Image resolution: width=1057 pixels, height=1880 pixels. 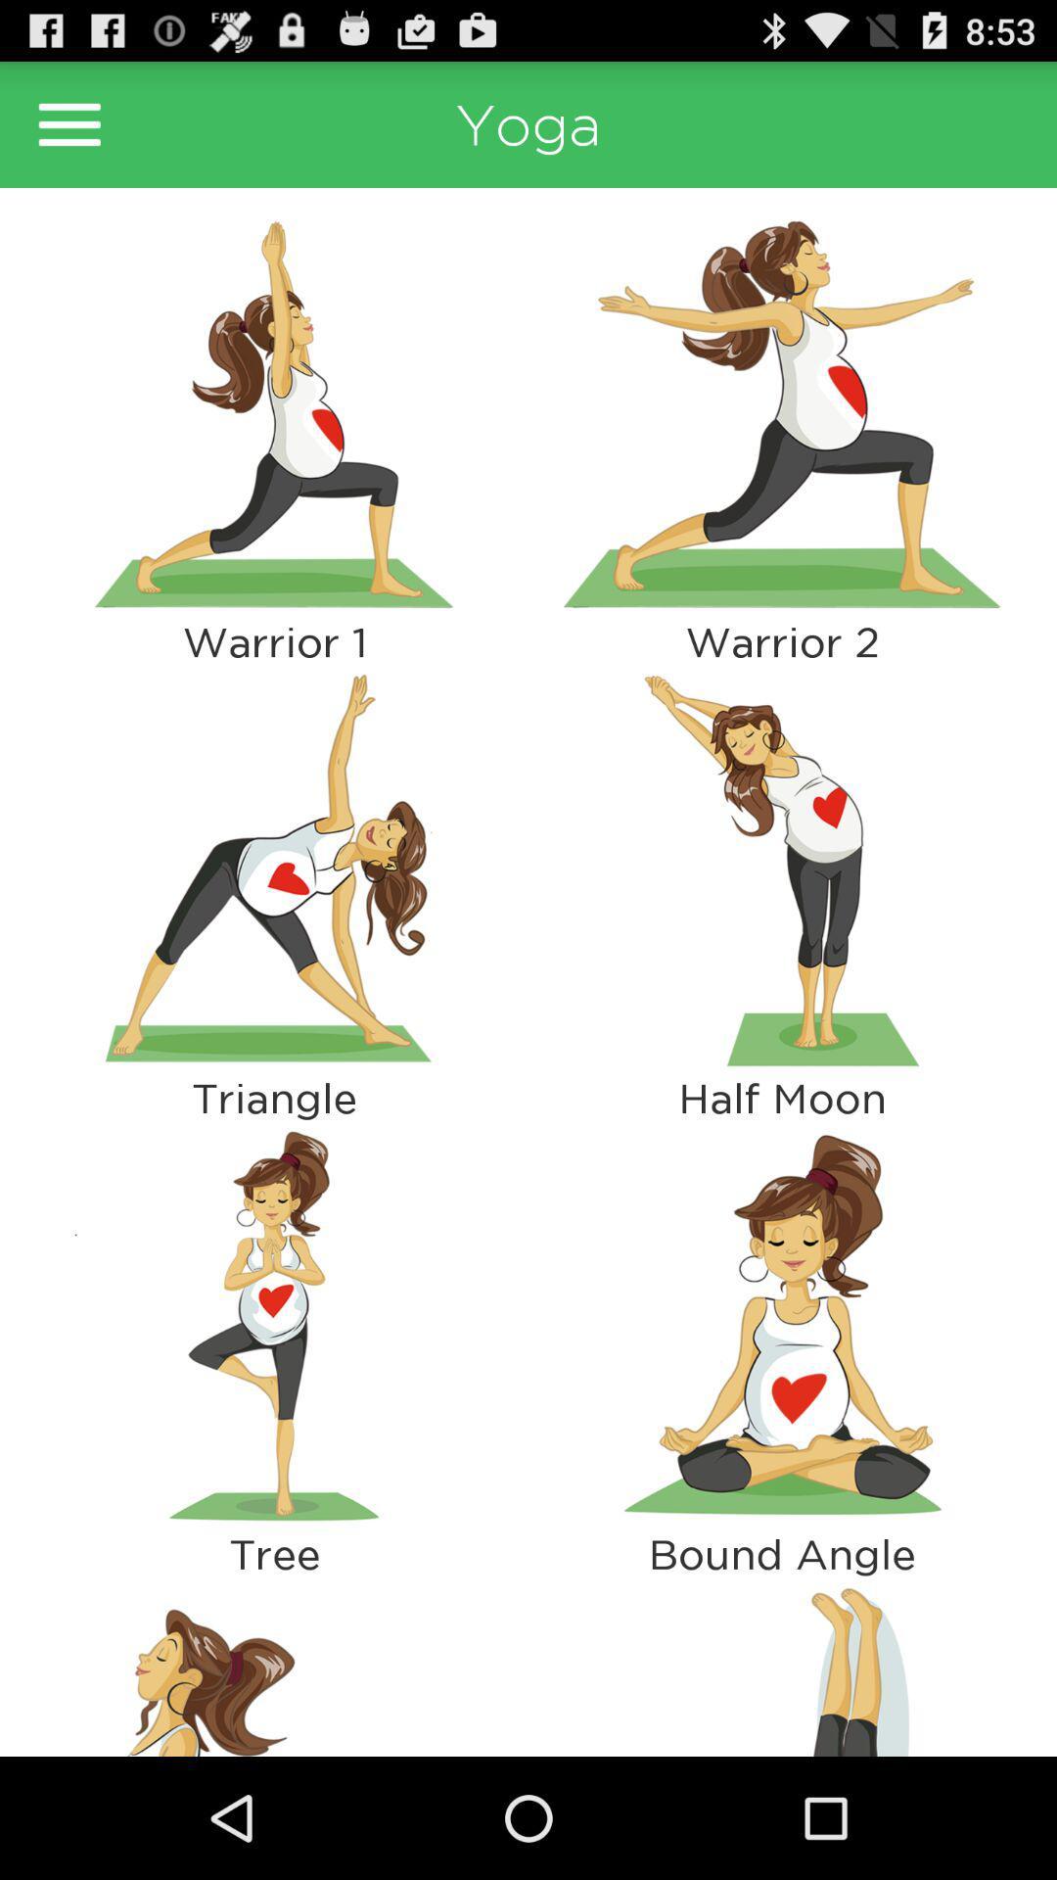 I want to click on app below triangle app, so click(x=274, y=1326).